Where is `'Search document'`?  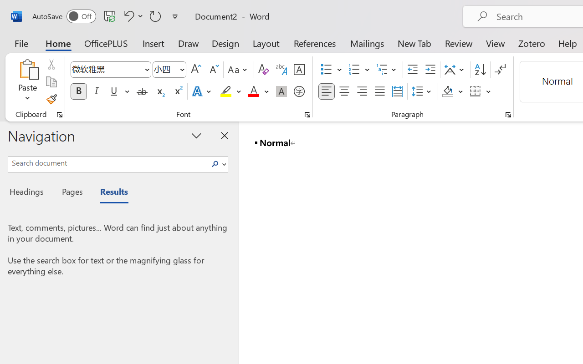 'Search document' is located at coordinates (108, 163).